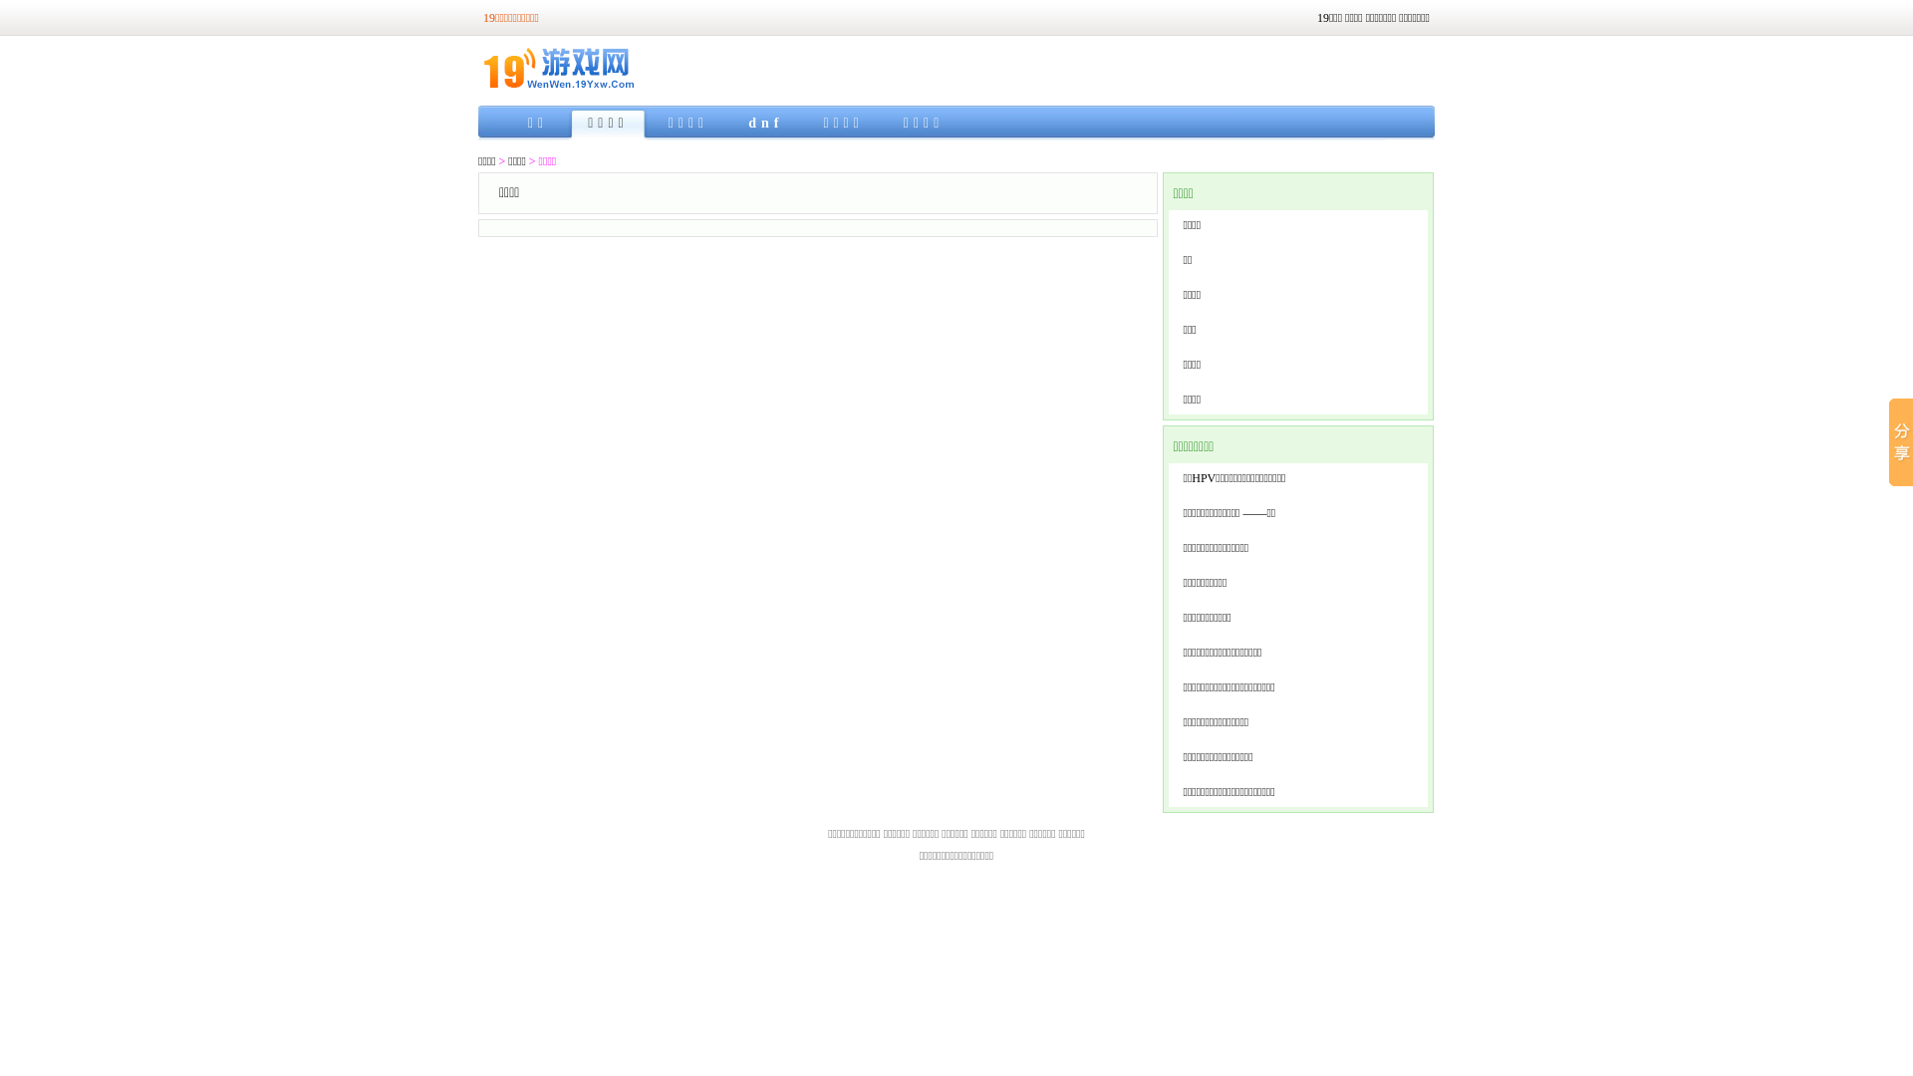 The image size is (1913, 1076). Describe the element at coordinates (764, 123) in the screenshot. I see `'dnf'` at that location.